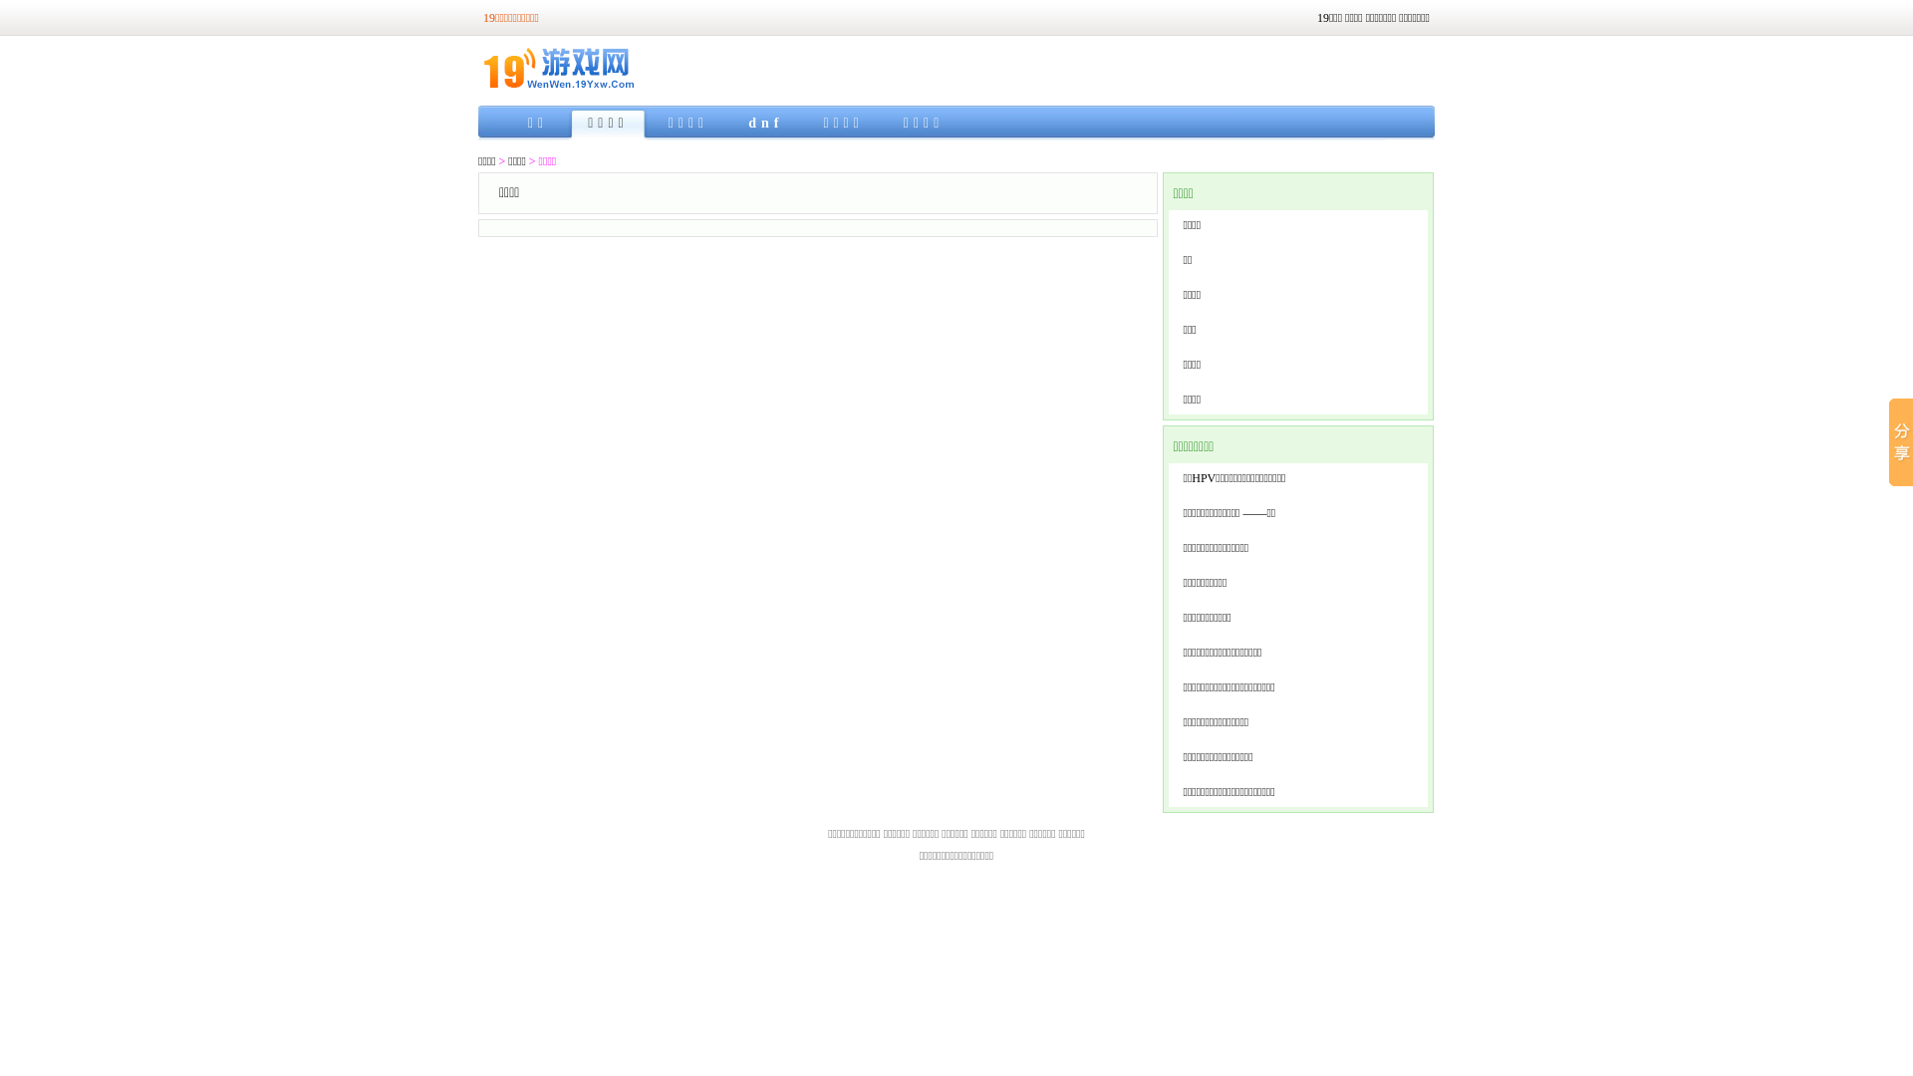 The image size is (1913, 1076). Describe the element at coordinates (764, 123) in the screenshot. I see `'dnf'` at that location.